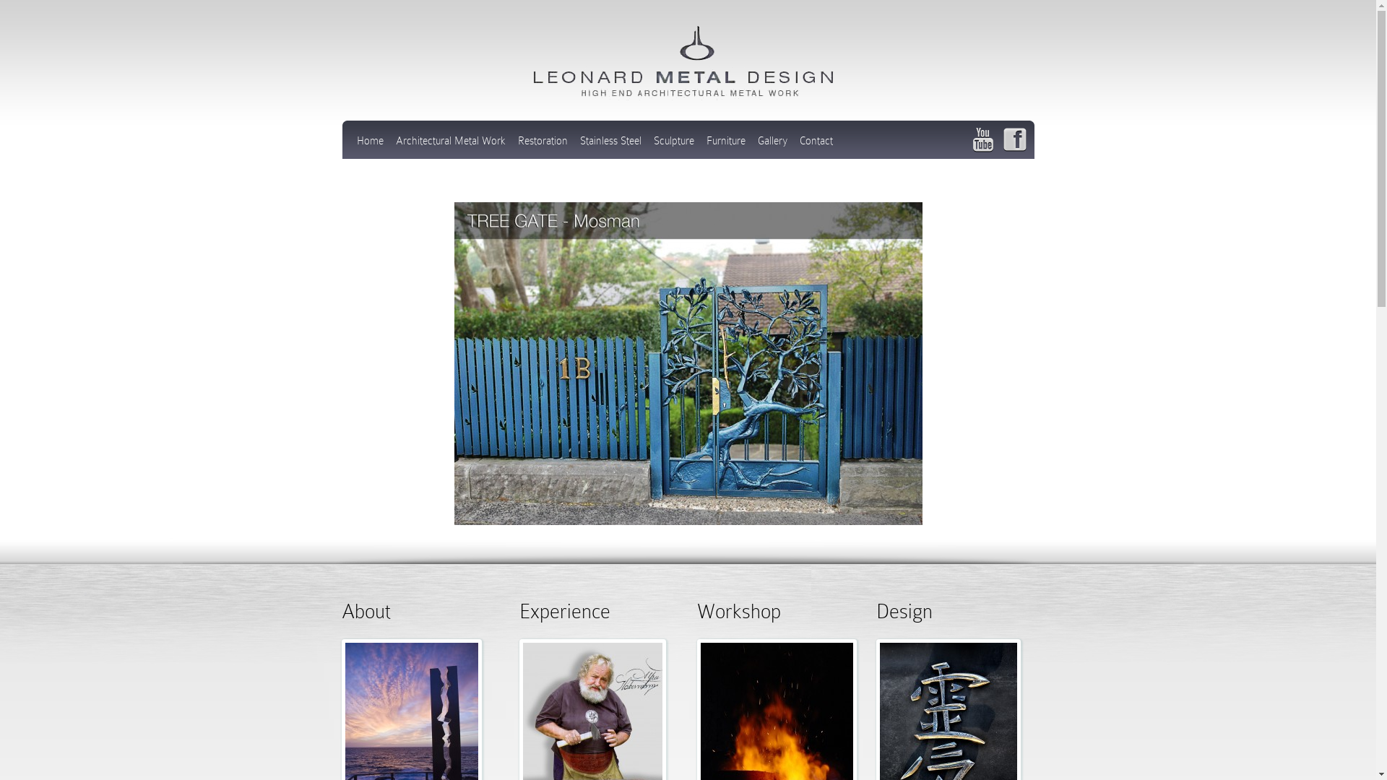 This screenshot has height=780, width=1387. What do you see at coordinates (771, 145) in the screenshot?
I see `'Gallery'` at bounding box center [771, 145].